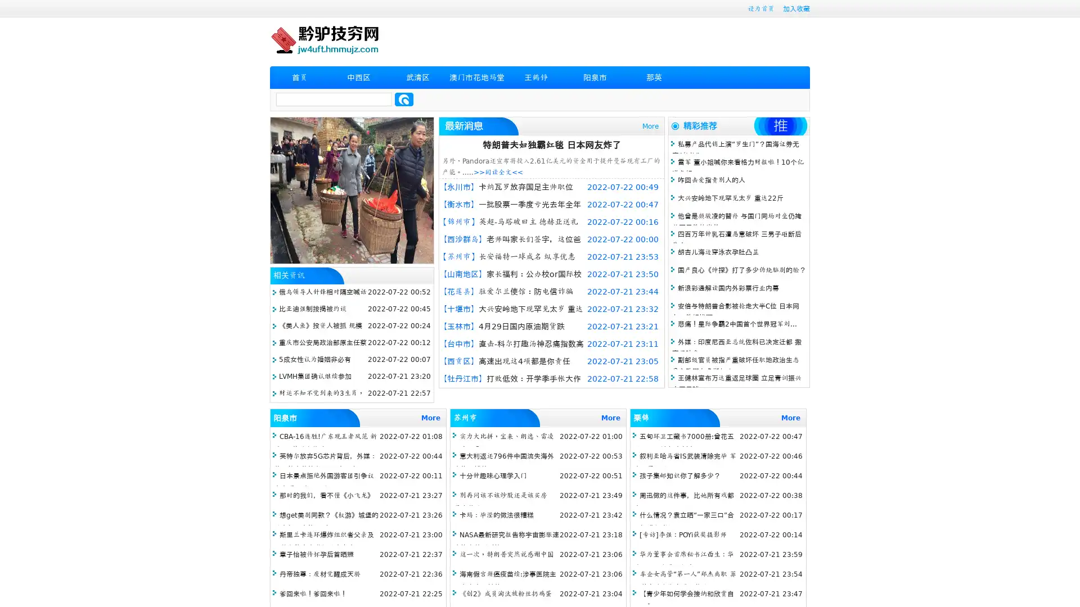 The height and width of the screenshot is (607, 1080). Describe the element at coordinates (404, 99) in the screenshot. I see `Search` at that location.